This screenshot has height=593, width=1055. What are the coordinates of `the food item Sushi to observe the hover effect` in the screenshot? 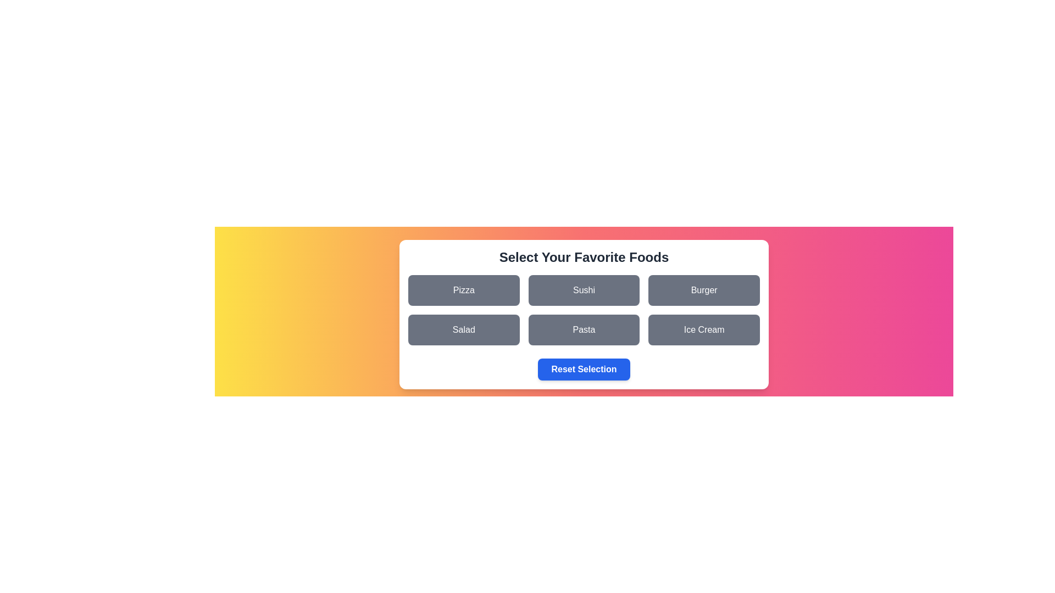 It's located at (583, 289).